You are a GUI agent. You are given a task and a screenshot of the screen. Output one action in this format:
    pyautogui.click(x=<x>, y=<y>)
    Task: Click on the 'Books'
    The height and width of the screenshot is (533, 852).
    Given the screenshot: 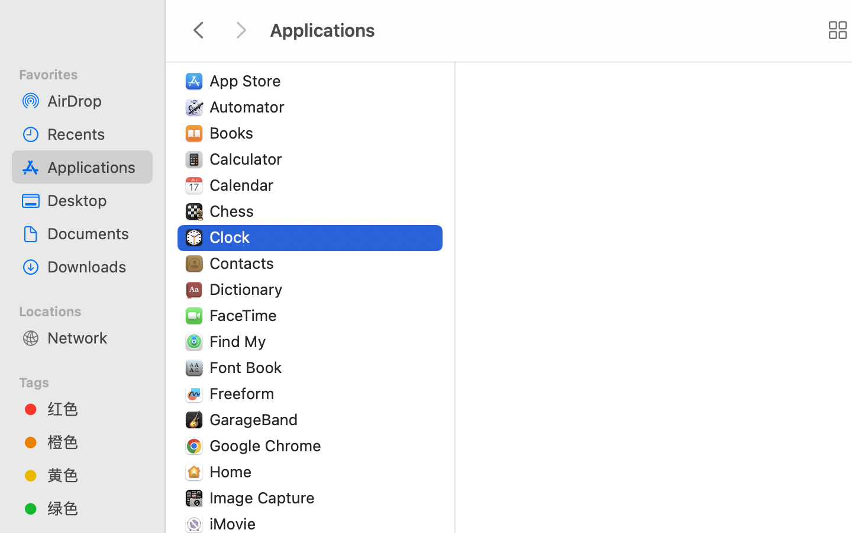 What is the action you would take?
    pyautogui.click(x=234, y=133)
    